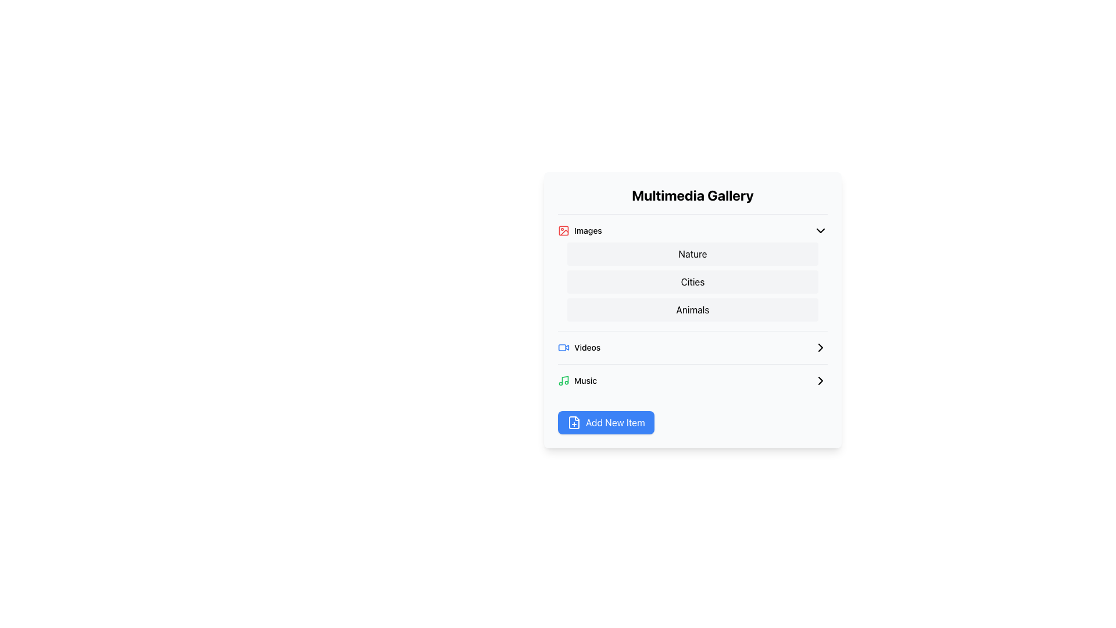 The image size is (1116, 628). What do you see at coordinates (563, 381) in the screenshot?
I see `the 'Music' icon in the 'Multimedia Gallery' menu` at bounding box center [563, 381].